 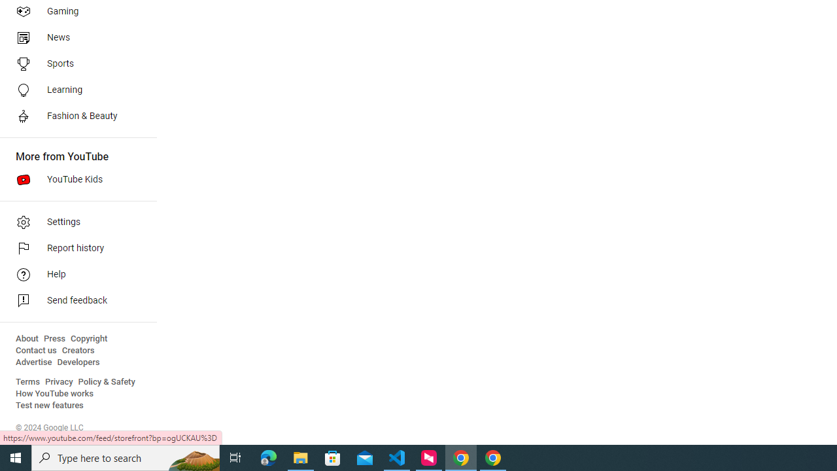 What do you see at coordinates (54, 338) in the screenshot?
I see `'Press'` at bounding box center [54, 338].